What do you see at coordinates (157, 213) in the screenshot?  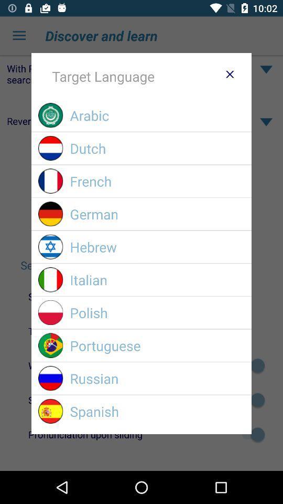 I see `the german` at bounding box center [157, 213].